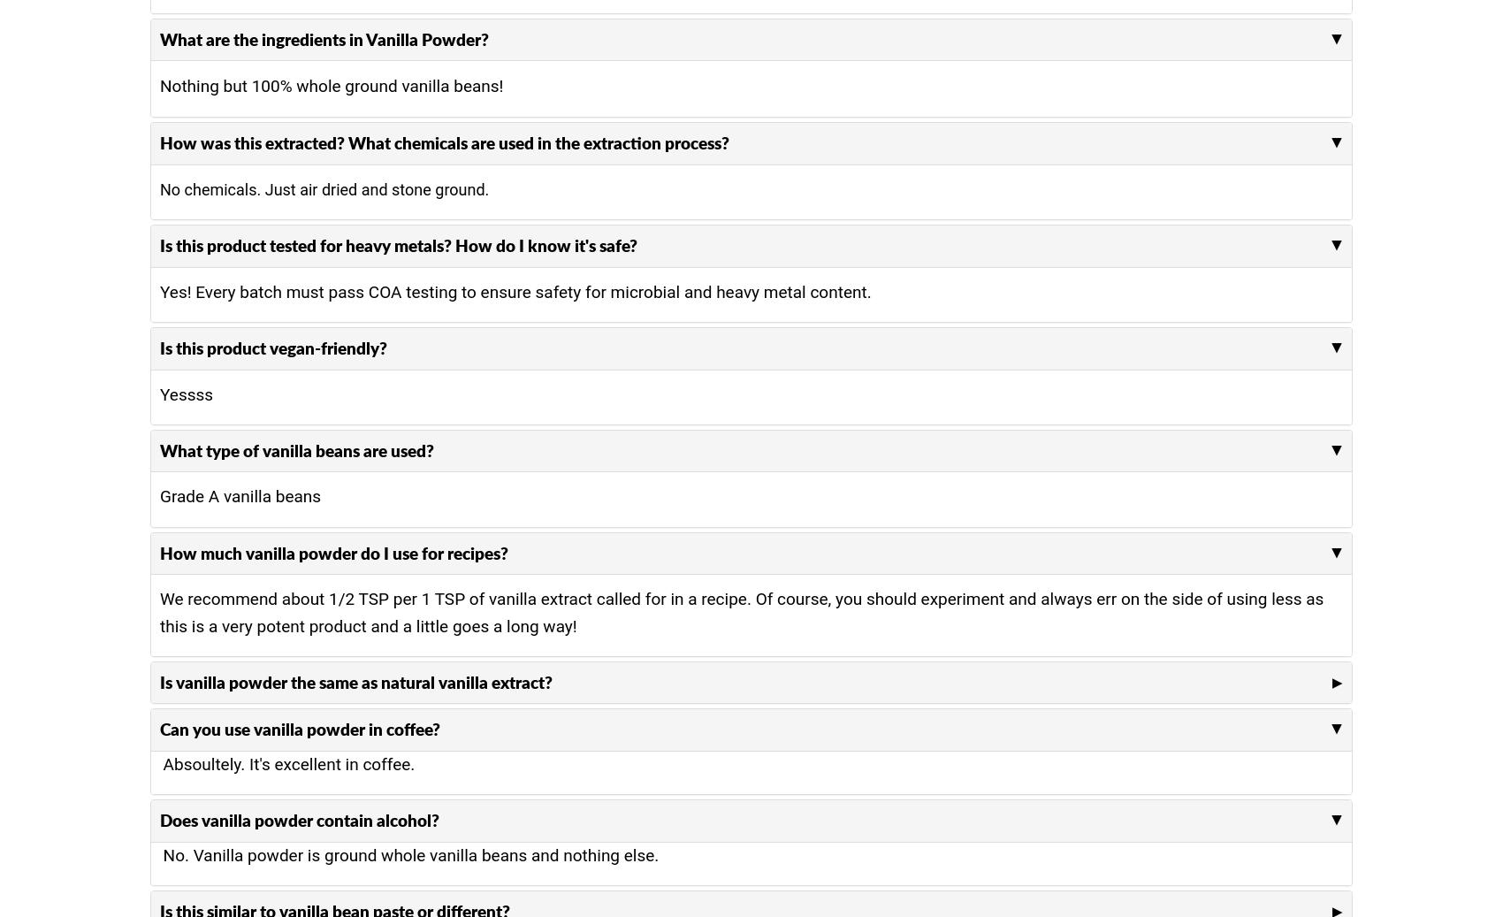 Image resolution: width=1503 pixels, height=917 pixels. I want to click on 'No chemicals. Just air dried and stone ground.', so click(324, 187).